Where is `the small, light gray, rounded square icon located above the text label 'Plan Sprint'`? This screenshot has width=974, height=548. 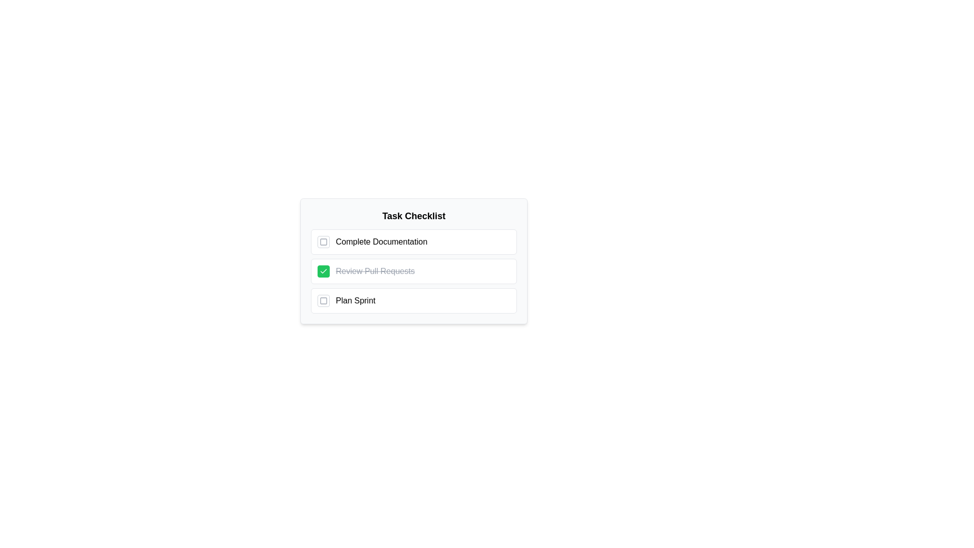
the small, light gray, rounded square icon located above the text label 'Plan Sprint' is located at coordinates (323, 300).